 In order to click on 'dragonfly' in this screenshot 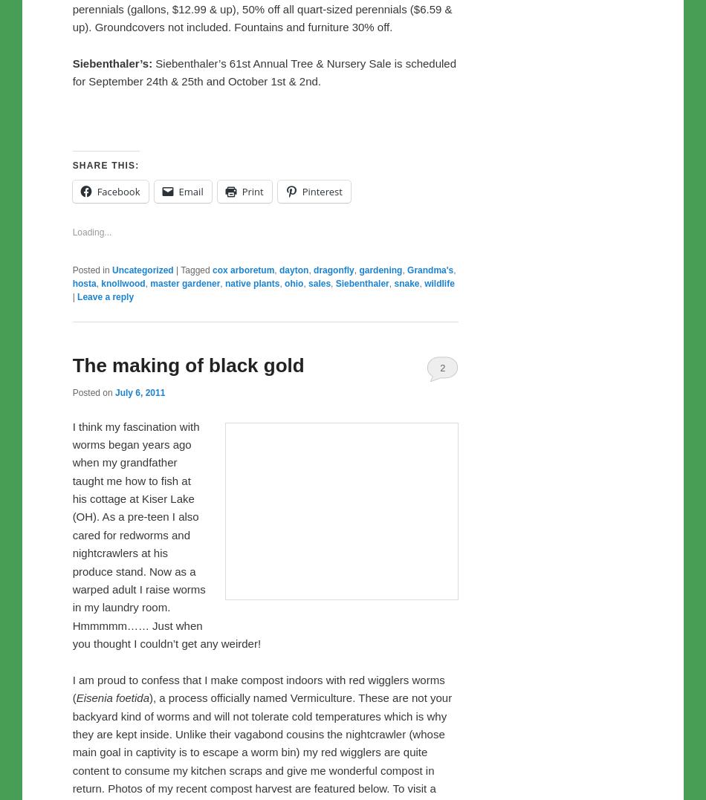, I will do `click(332, 580)`.